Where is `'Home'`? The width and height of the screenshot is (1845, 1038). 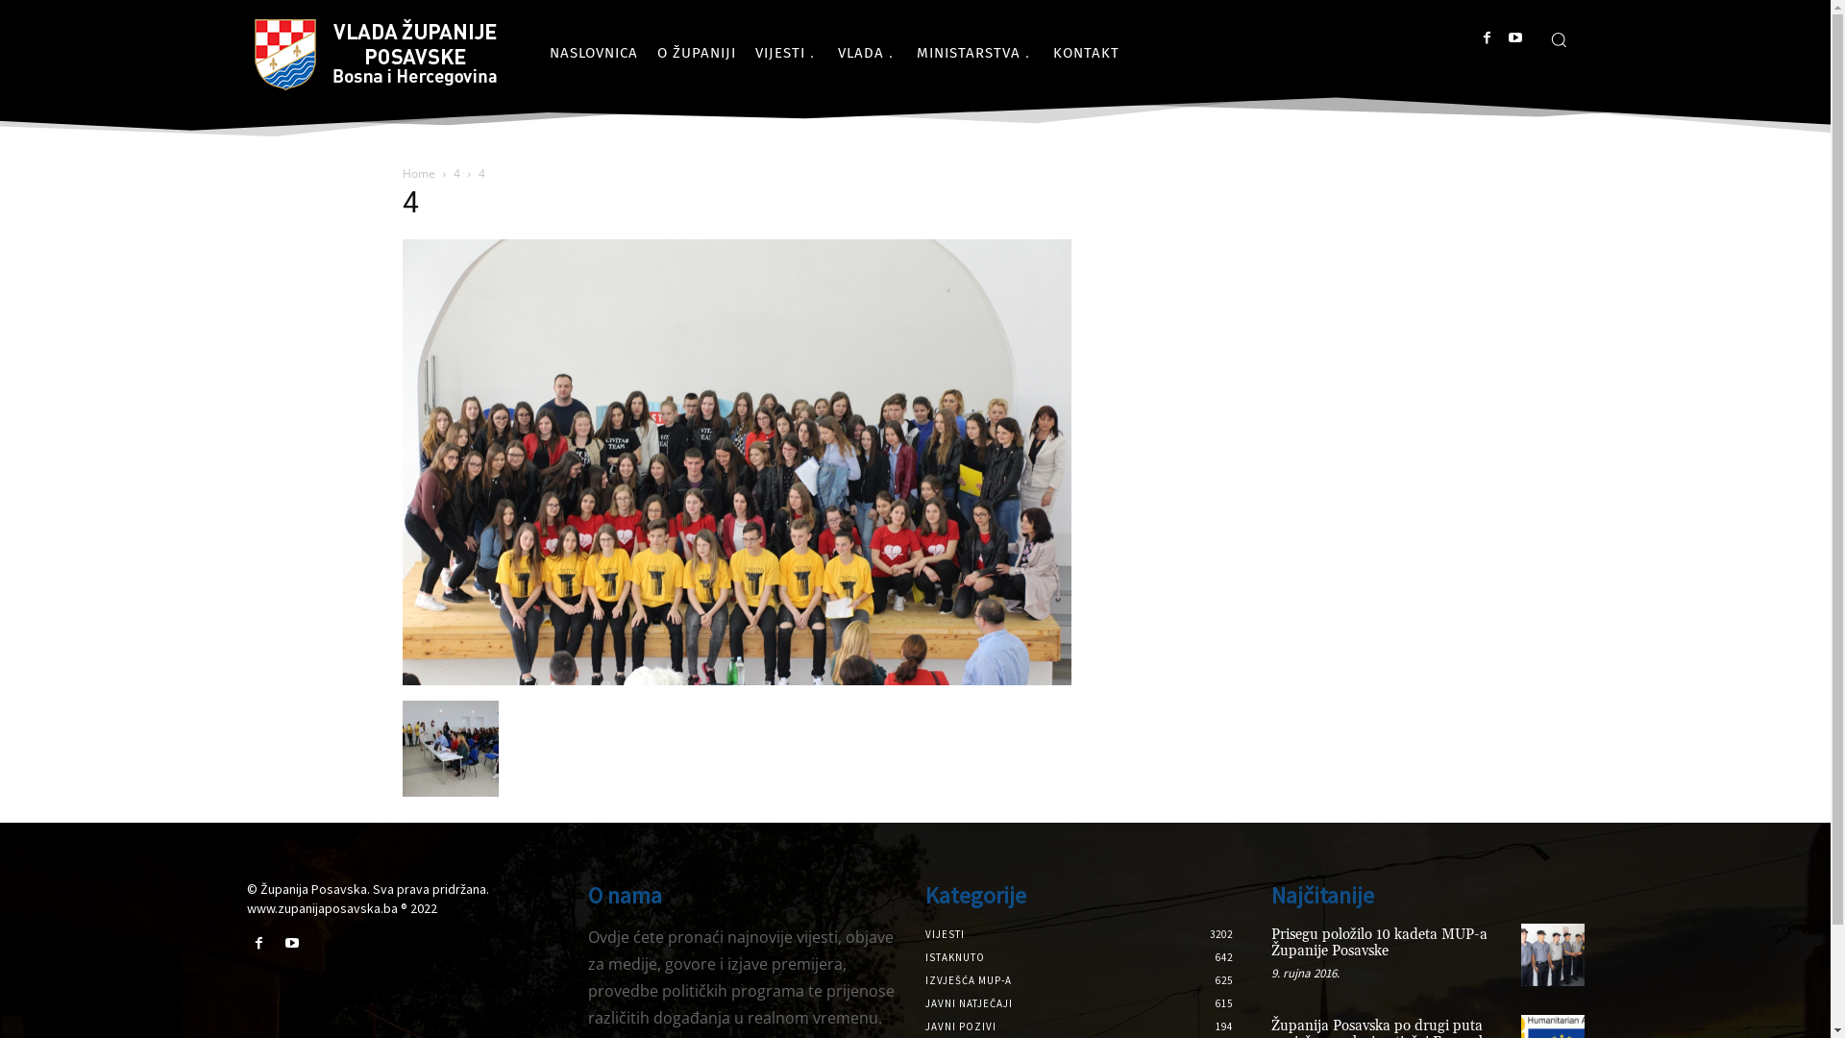
'Home' is located at coordinates (417, 173).